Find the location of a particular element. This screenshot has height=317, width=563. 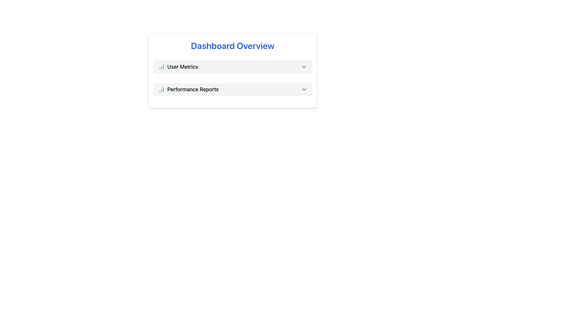

the chart icon located at the top-left corner of the 'User Metrics' section, which visually represents the section's purpose is located at coordinates (161, 66).